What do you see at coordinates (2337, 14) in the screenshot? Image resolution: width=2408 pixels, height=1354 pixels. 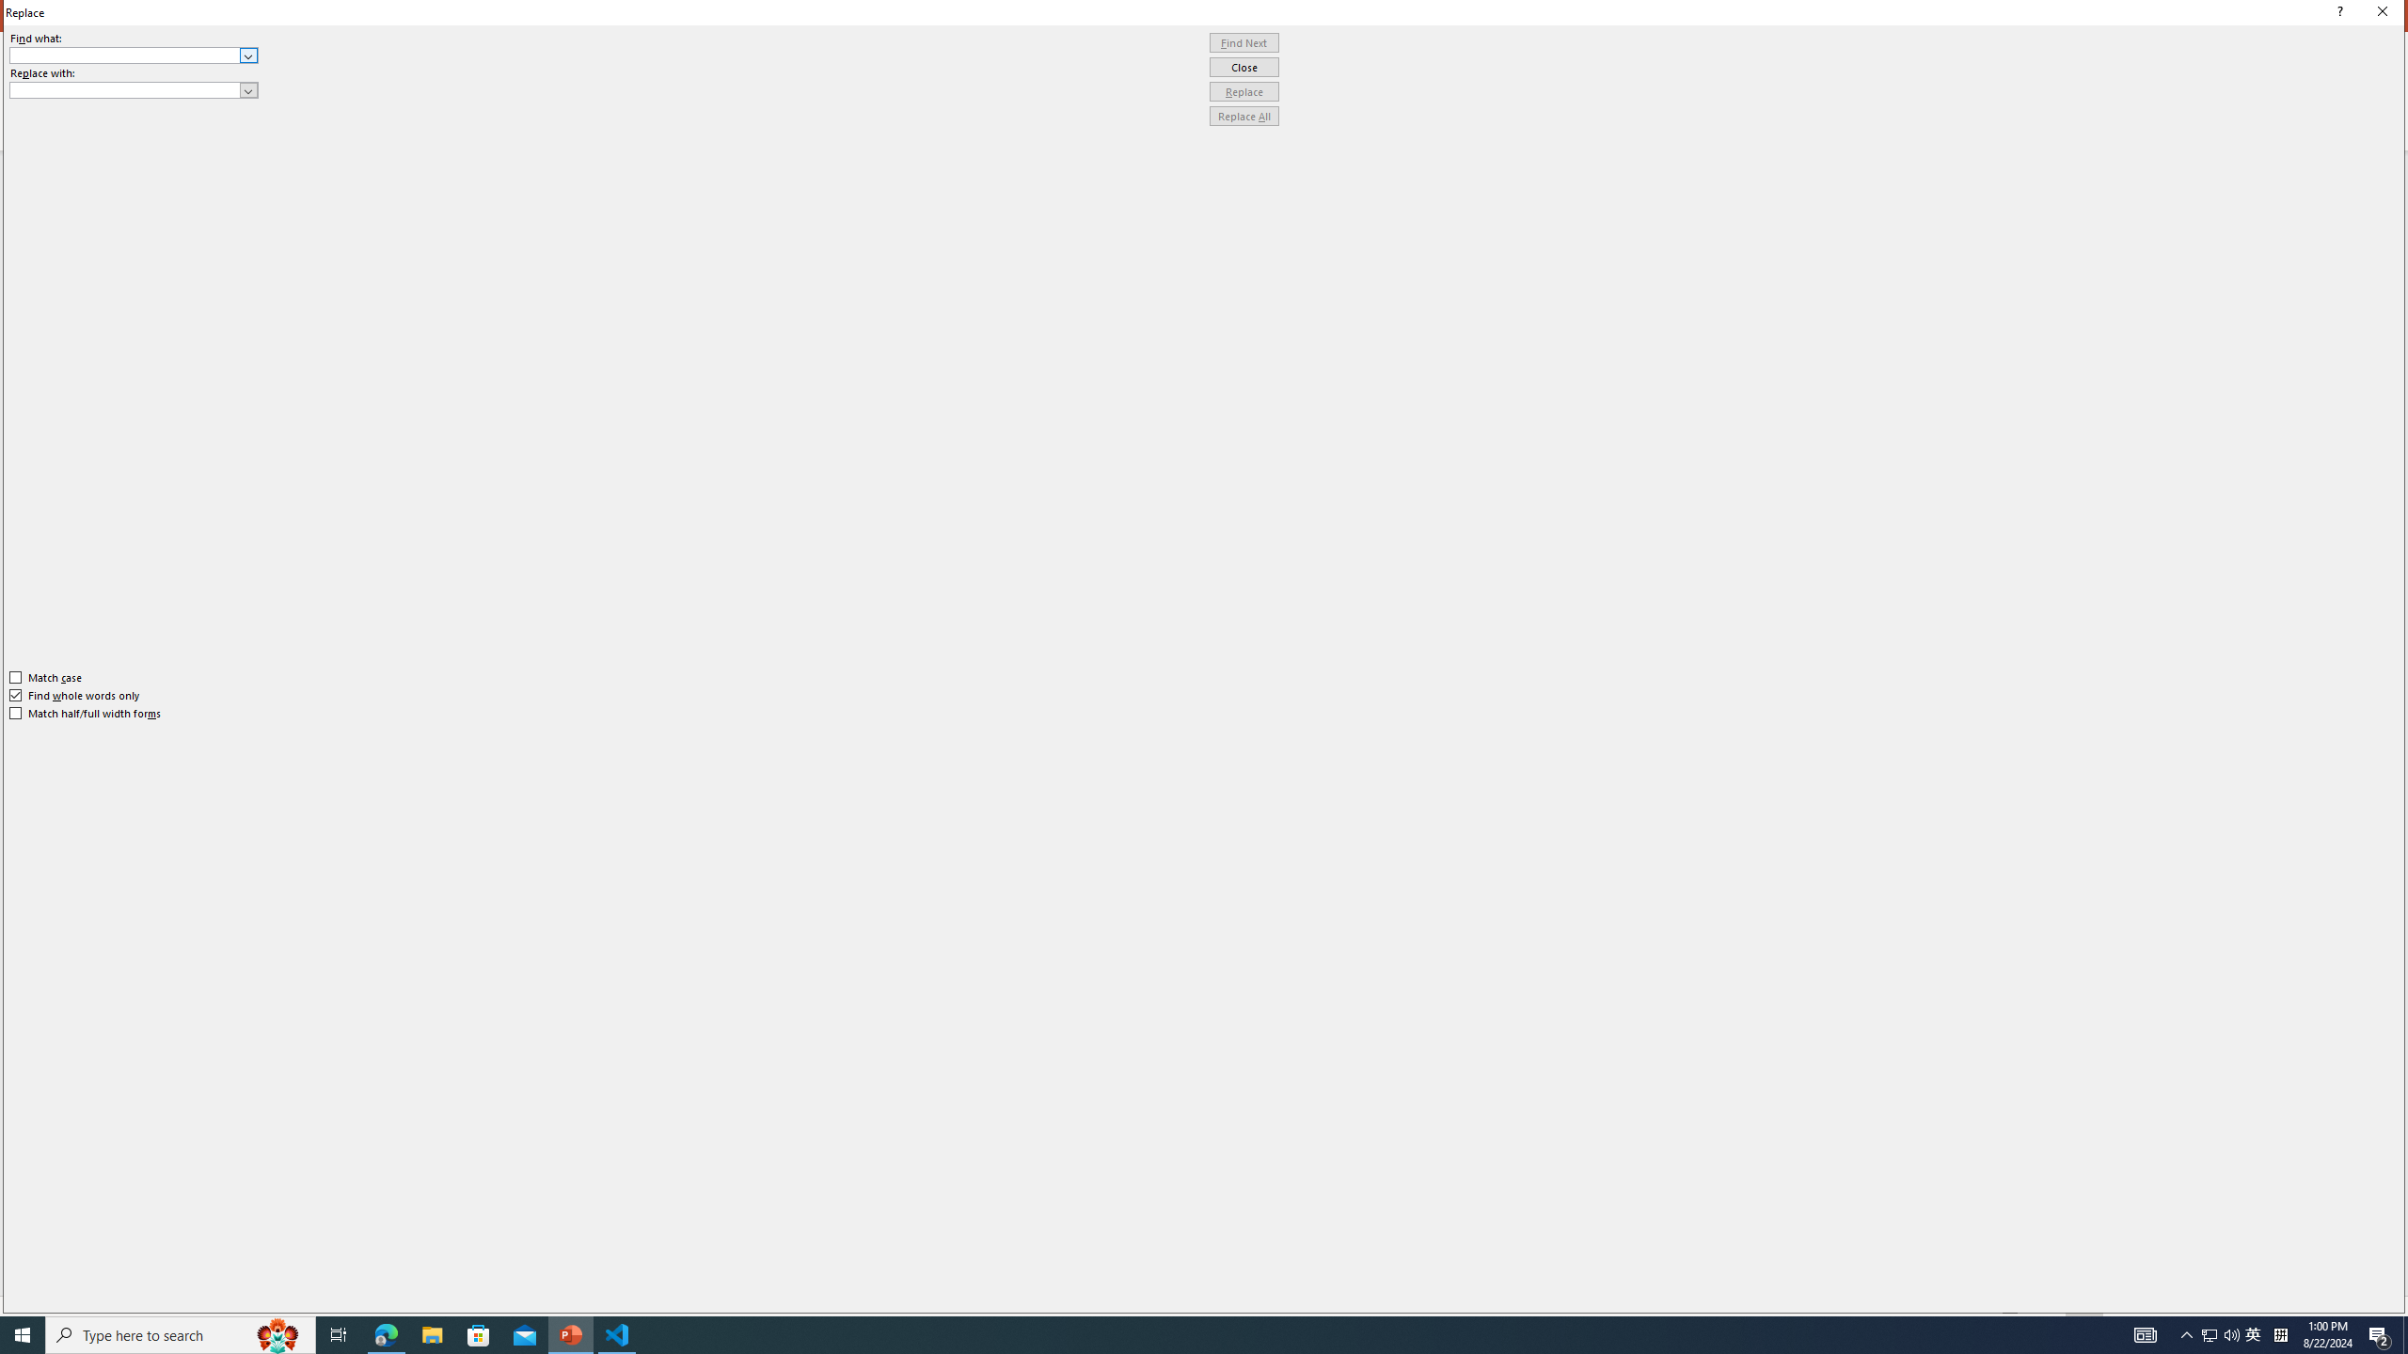 I see `'Context help'` at bounding box center [2337, 14].